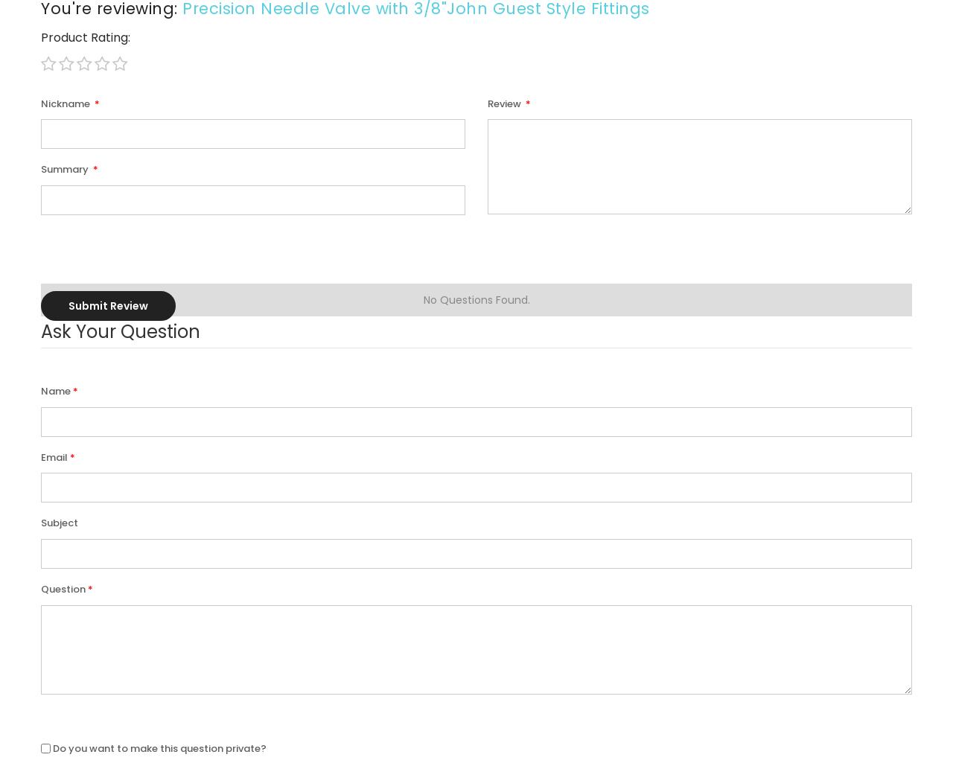  What do you see at coordinates (66, 103) in the screenshot?
I see `'Nickname'` at bounding box center [66, 103].